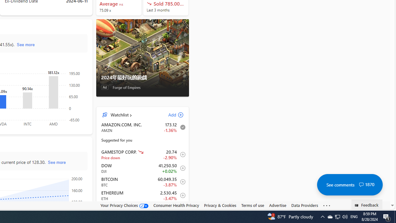  Describe the element at coordinates (277, 205) in the screenshot. I see `'Advertise'` at that location.